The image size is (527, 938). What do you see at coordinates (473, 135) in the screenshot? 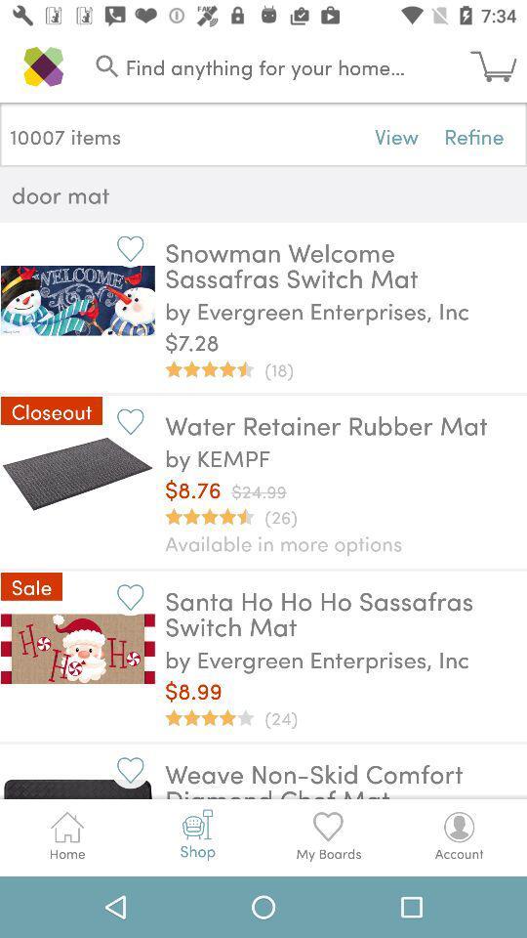
I see `the option refine which is on the top right of the screen` at bounding box center [473, 135].